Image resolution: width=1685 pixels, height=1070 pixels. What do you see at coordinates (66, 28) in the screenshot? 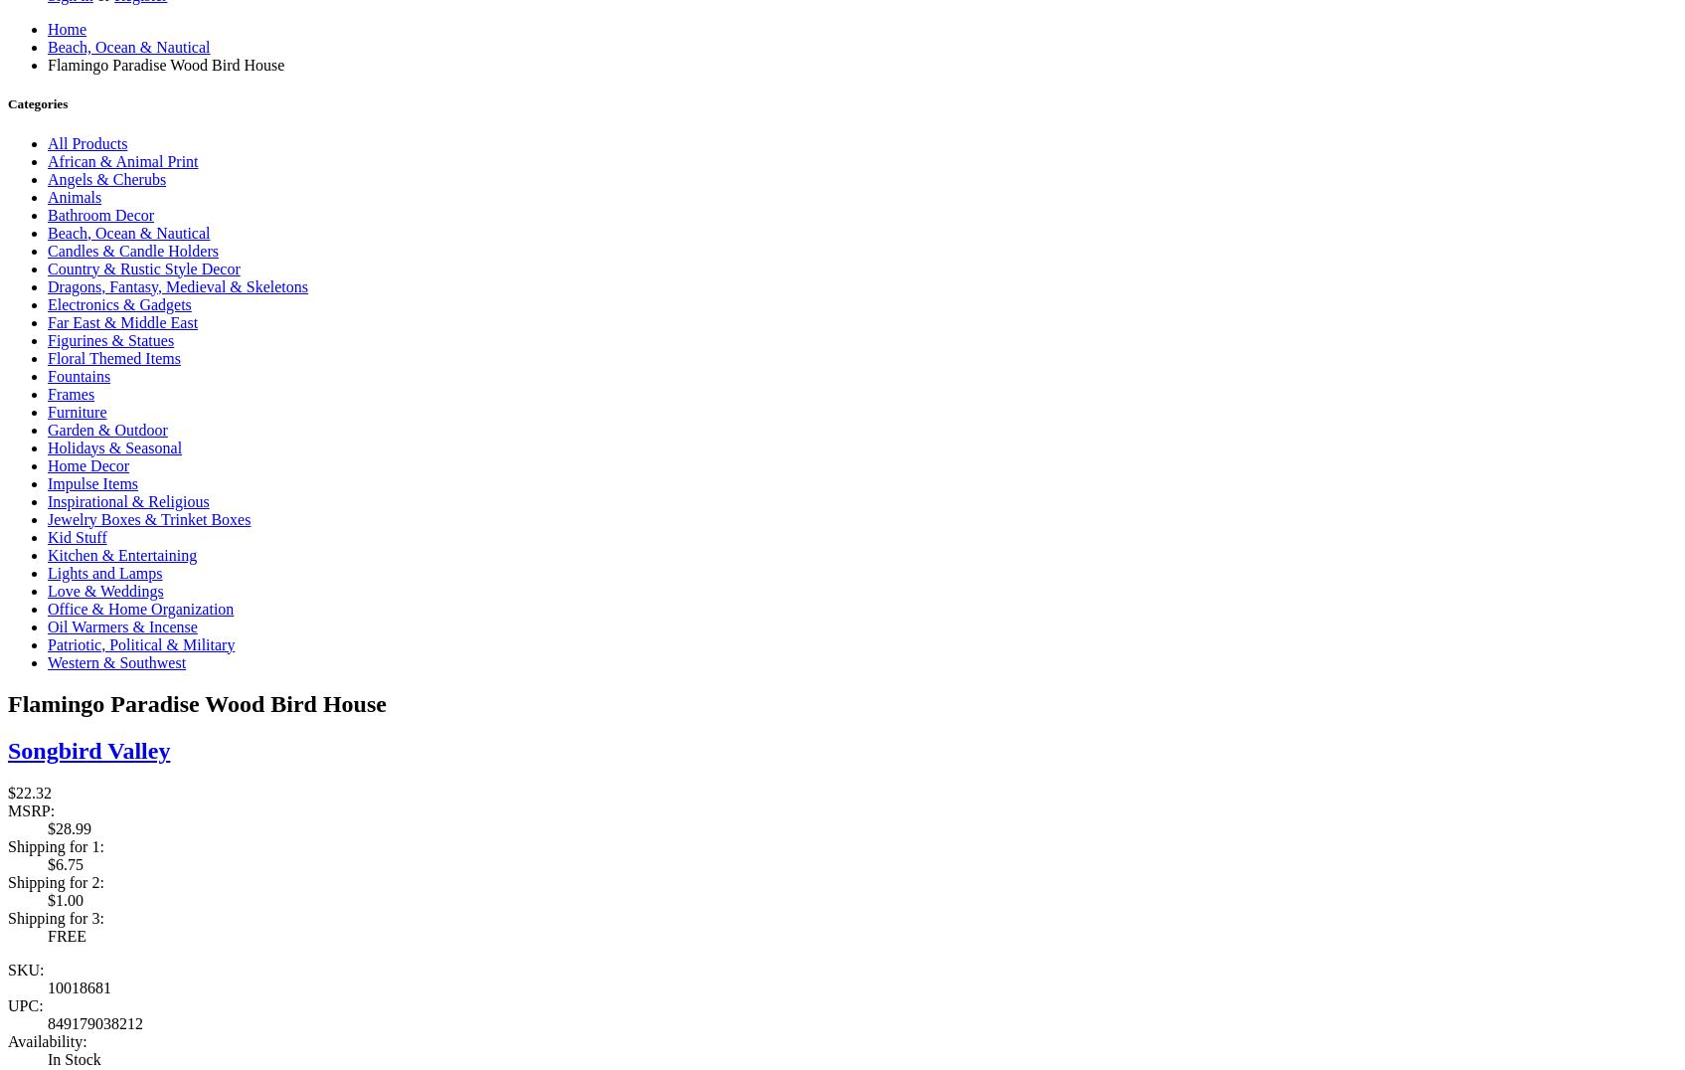
I see `'Home'` at bounding box center [66, 28].